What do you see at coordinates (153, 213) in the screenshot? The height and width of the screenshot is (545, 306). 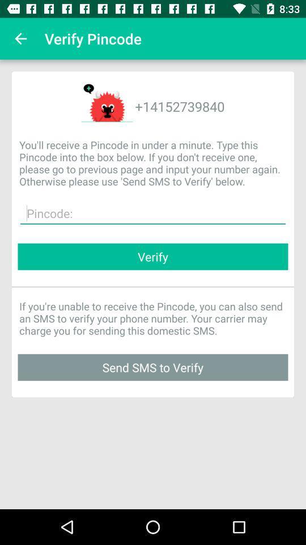 I see `the item below the you ll receive item` at bounding box center [153, 213].